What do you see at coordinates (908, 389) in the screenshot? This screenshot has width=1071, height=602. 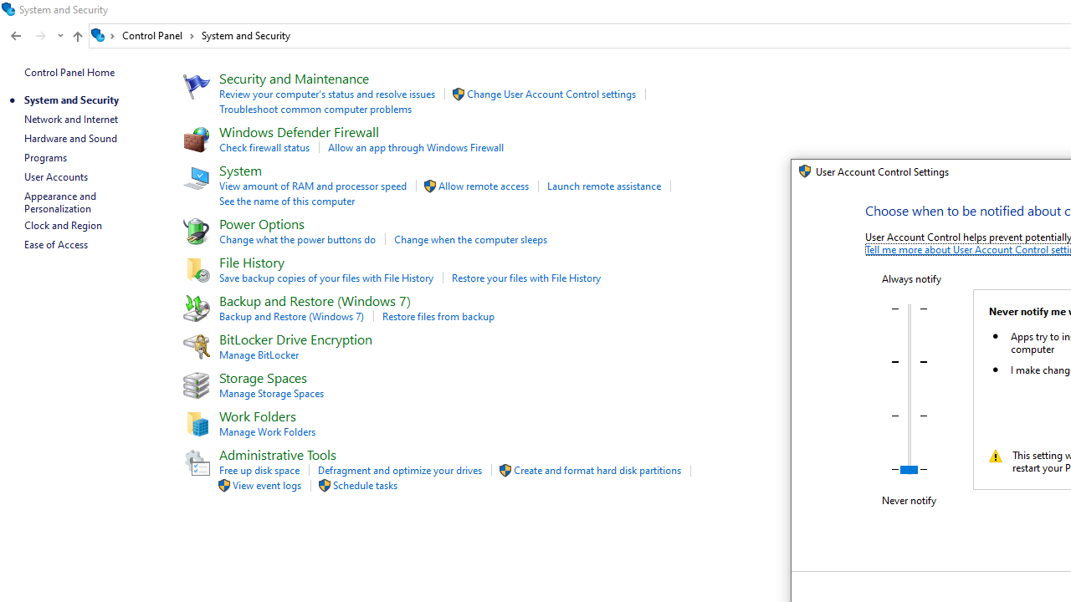 I see `'Notification level:'` at bounding box center [908, 389].